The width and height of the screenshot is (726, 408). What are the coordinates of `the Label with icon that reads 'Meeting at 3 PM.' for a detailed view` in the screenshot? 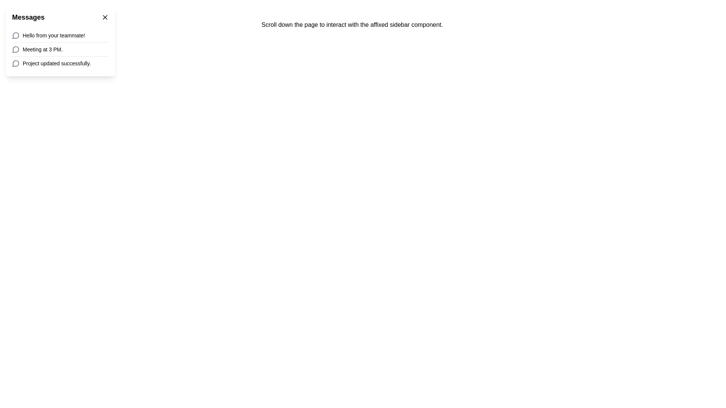 It's located at (60, 49).